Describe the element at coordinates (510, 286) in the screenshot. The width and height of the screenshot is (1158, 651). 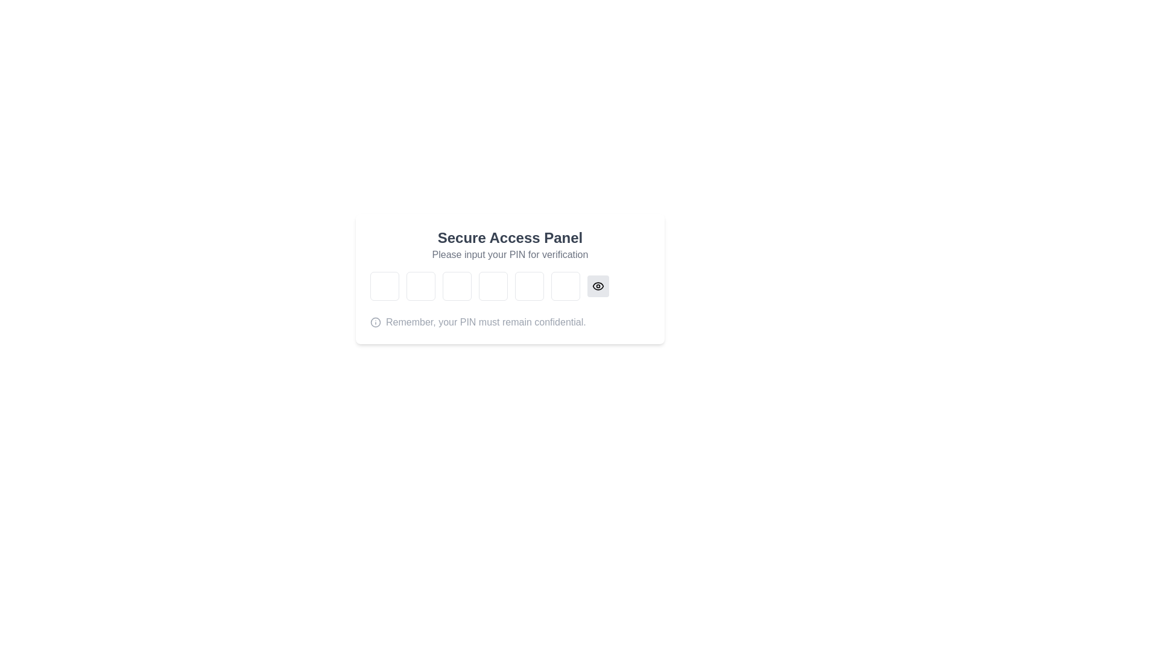
I see `any input field within the group of interactive components located beneath the 'Please input your PIN for verification' text in the 'Secure Access Panel'` at that location.